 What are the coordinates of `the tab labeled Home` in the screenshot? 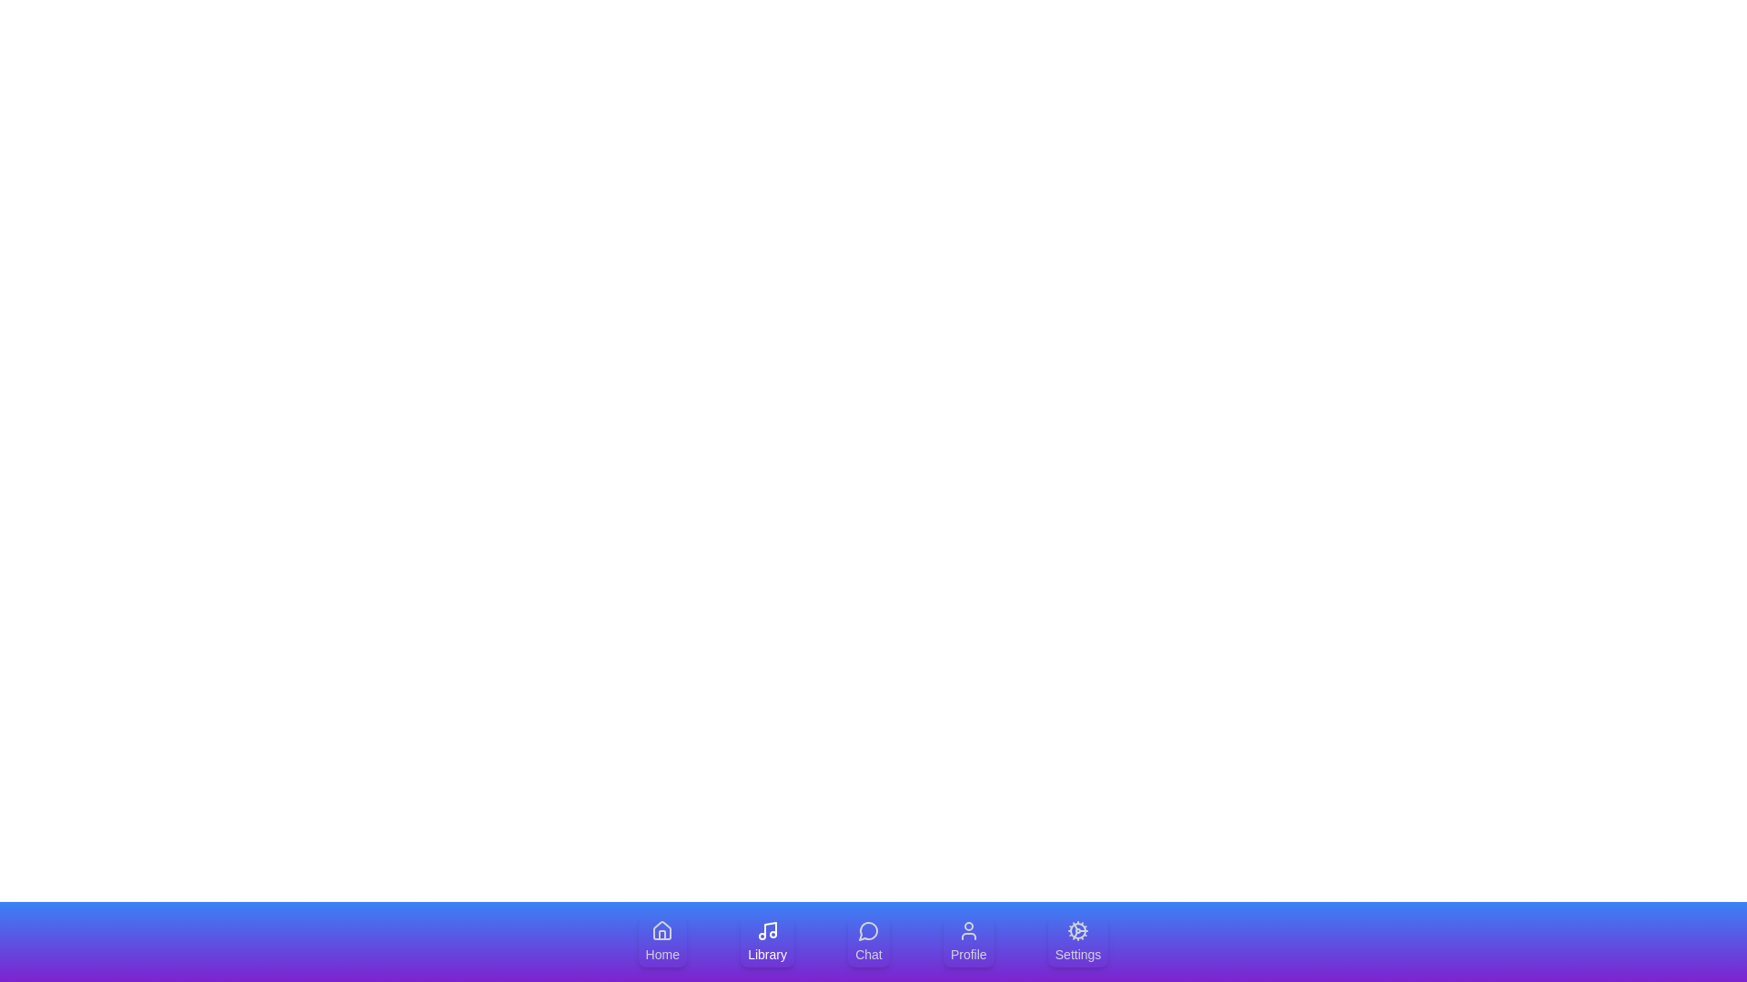 It's located at (661, 941).